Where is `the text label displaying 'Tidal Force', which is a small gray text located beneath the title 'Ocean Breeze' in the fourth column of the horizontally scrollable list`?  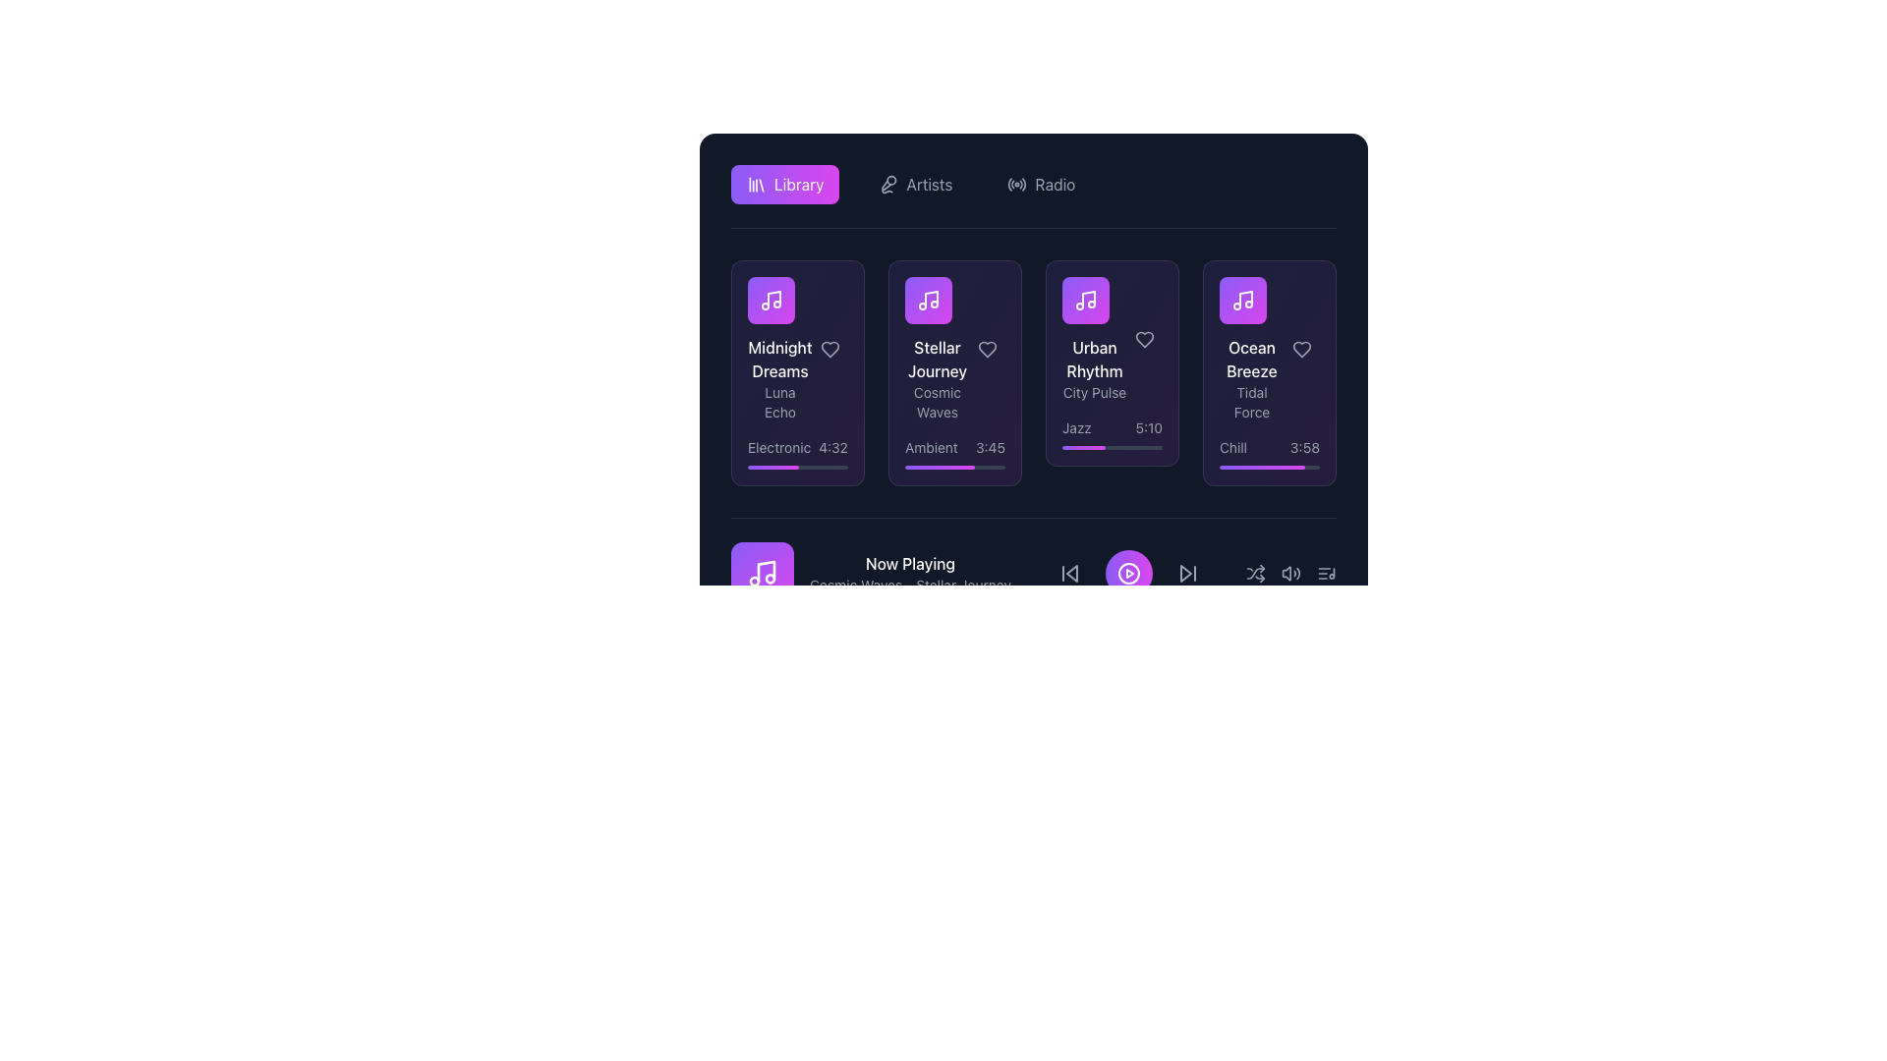
the text label displaying 'Tidal Force', which is a small gray text located beneath the title 'Ocean Breeze' in the fourth column of the horizontally scrollable list is located at coordinates (1250, 401).